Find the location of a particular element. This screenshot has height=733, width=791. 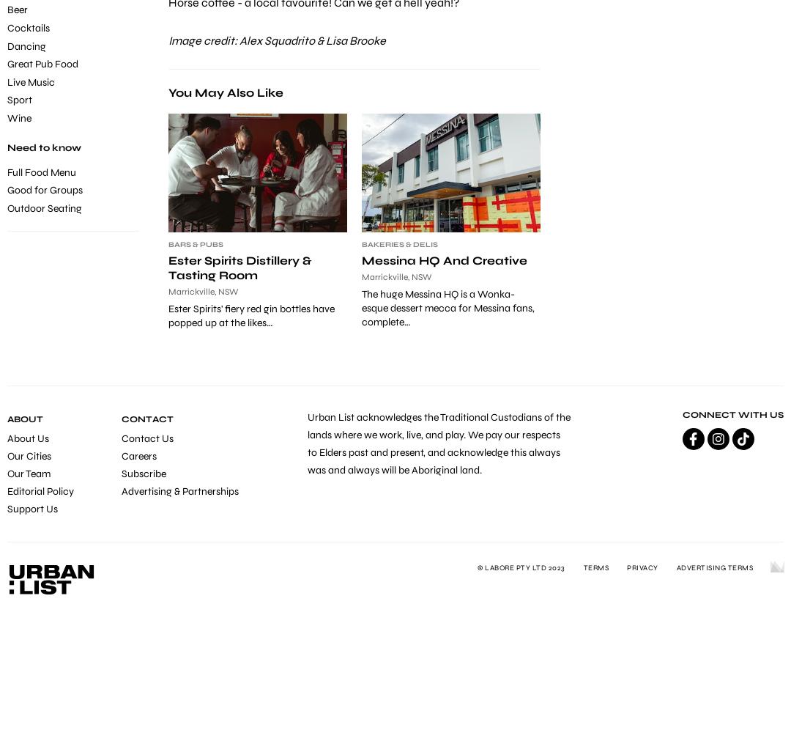

'Good for Groups' is located at coordinates (7, 190).